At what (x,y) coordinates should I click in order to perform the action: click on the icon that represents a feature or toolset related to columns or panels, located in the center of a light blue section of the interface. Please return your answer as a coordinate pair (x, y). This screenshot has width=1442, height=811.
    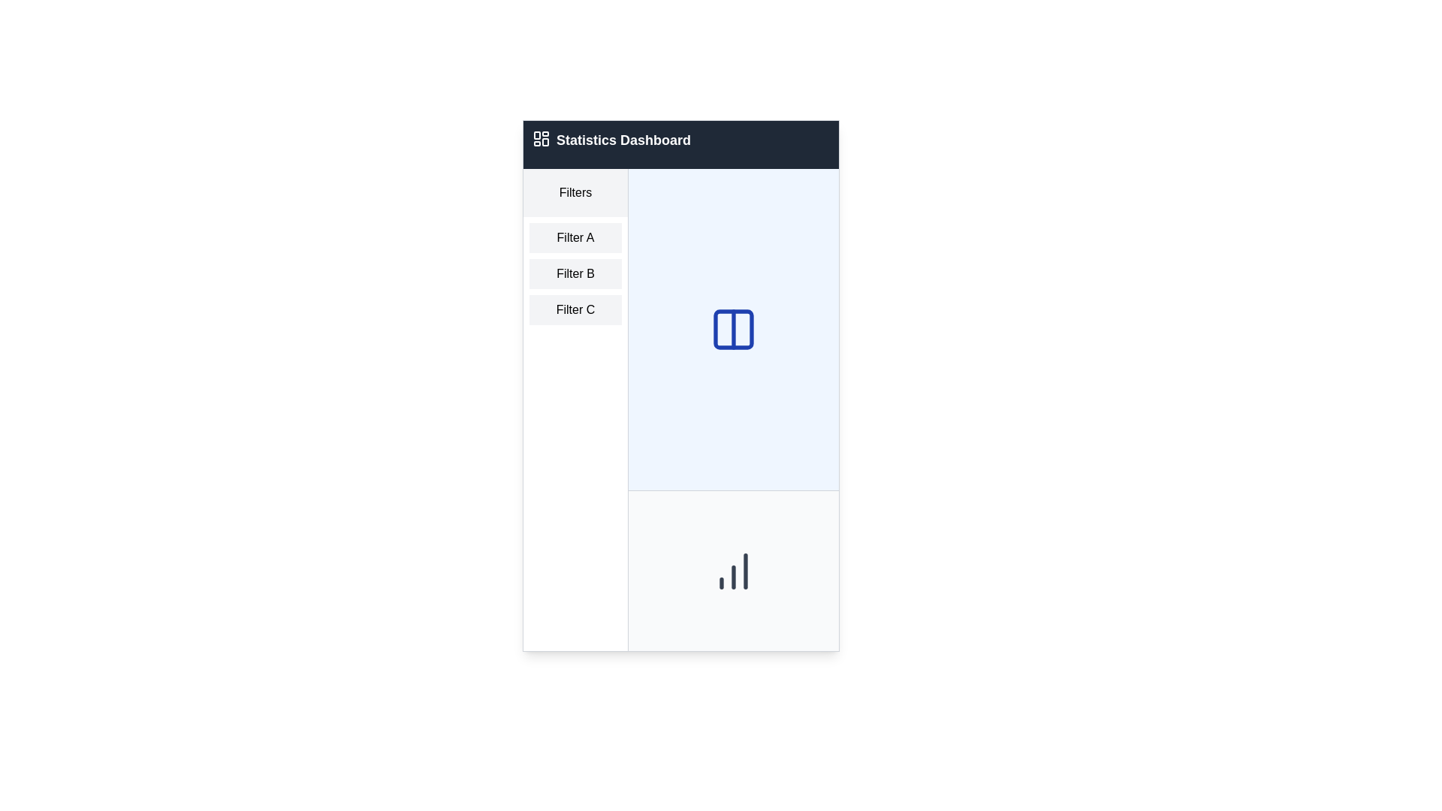
    Looking at the image, I should click on (733, 329).